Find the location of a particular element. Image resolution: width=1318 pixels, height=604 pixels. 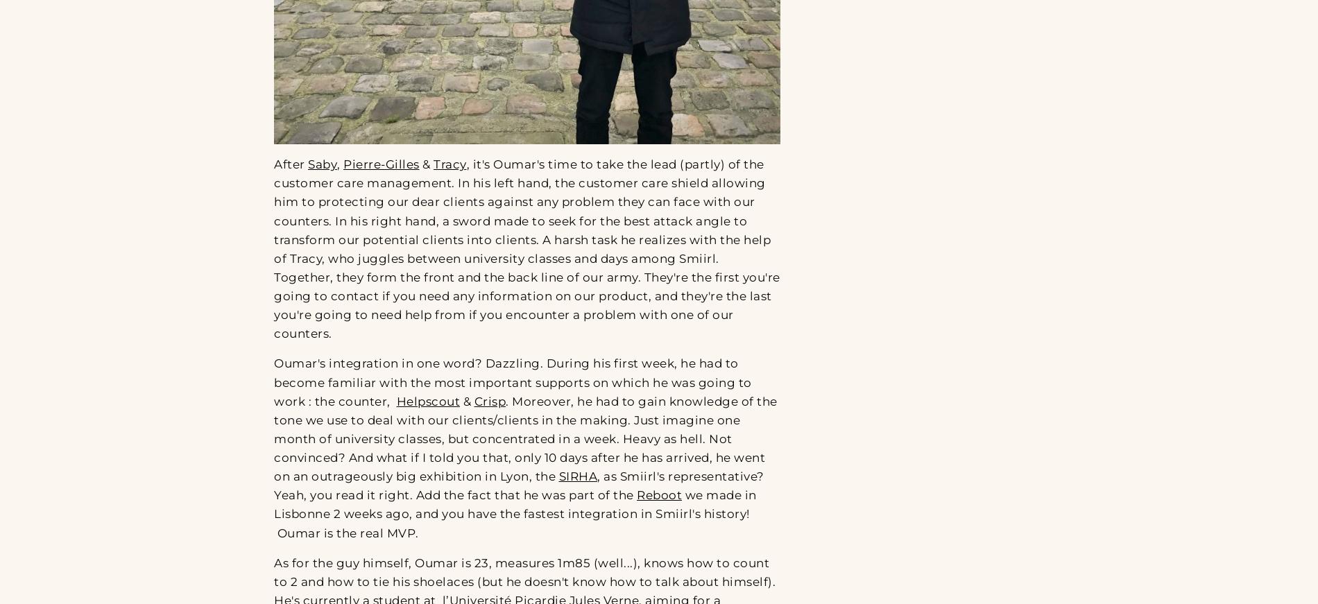

'After' is located at coordinates (290, 164).